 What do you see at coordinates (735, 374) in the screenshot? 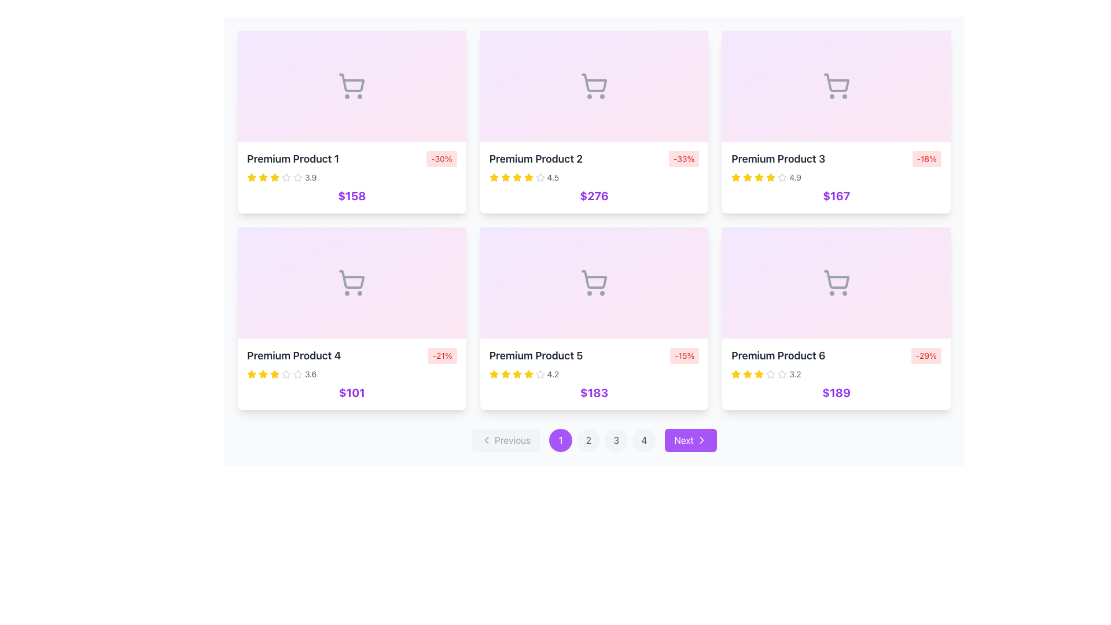
I see `the yellow five-pointed star icon representing the rating for 'Premium Product 6', located in the fourth row, rightmost column of the product grid` at bounding box center [735, 374].